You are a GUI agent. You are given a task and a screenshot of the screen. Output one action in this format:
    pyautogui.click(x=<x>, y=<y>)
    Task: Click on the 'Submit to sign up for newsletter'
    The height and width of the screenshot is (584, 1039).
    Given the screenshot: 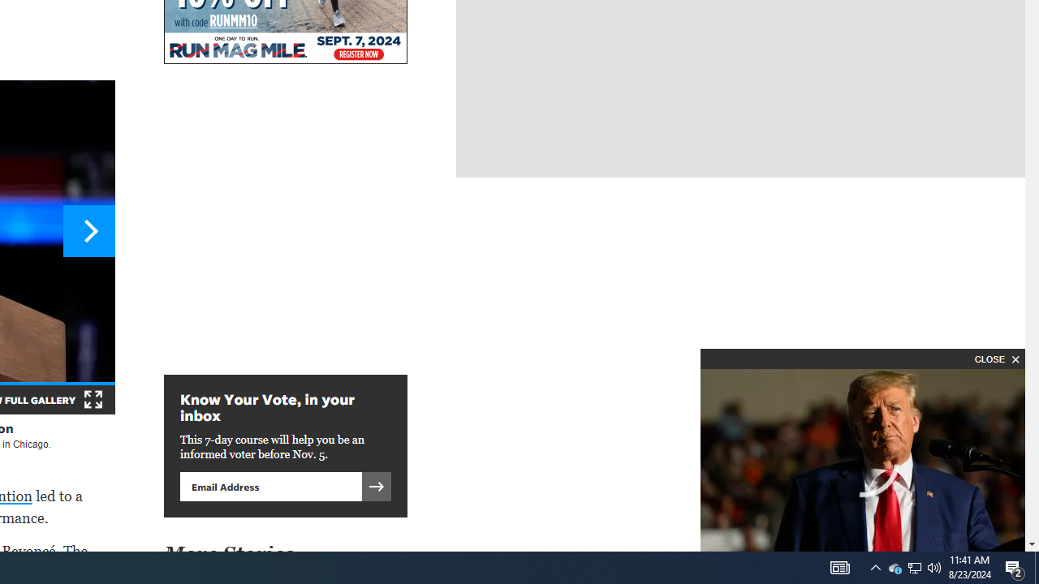 What is the action you would take?
    pyautogui.click(x=376, y=485)
    